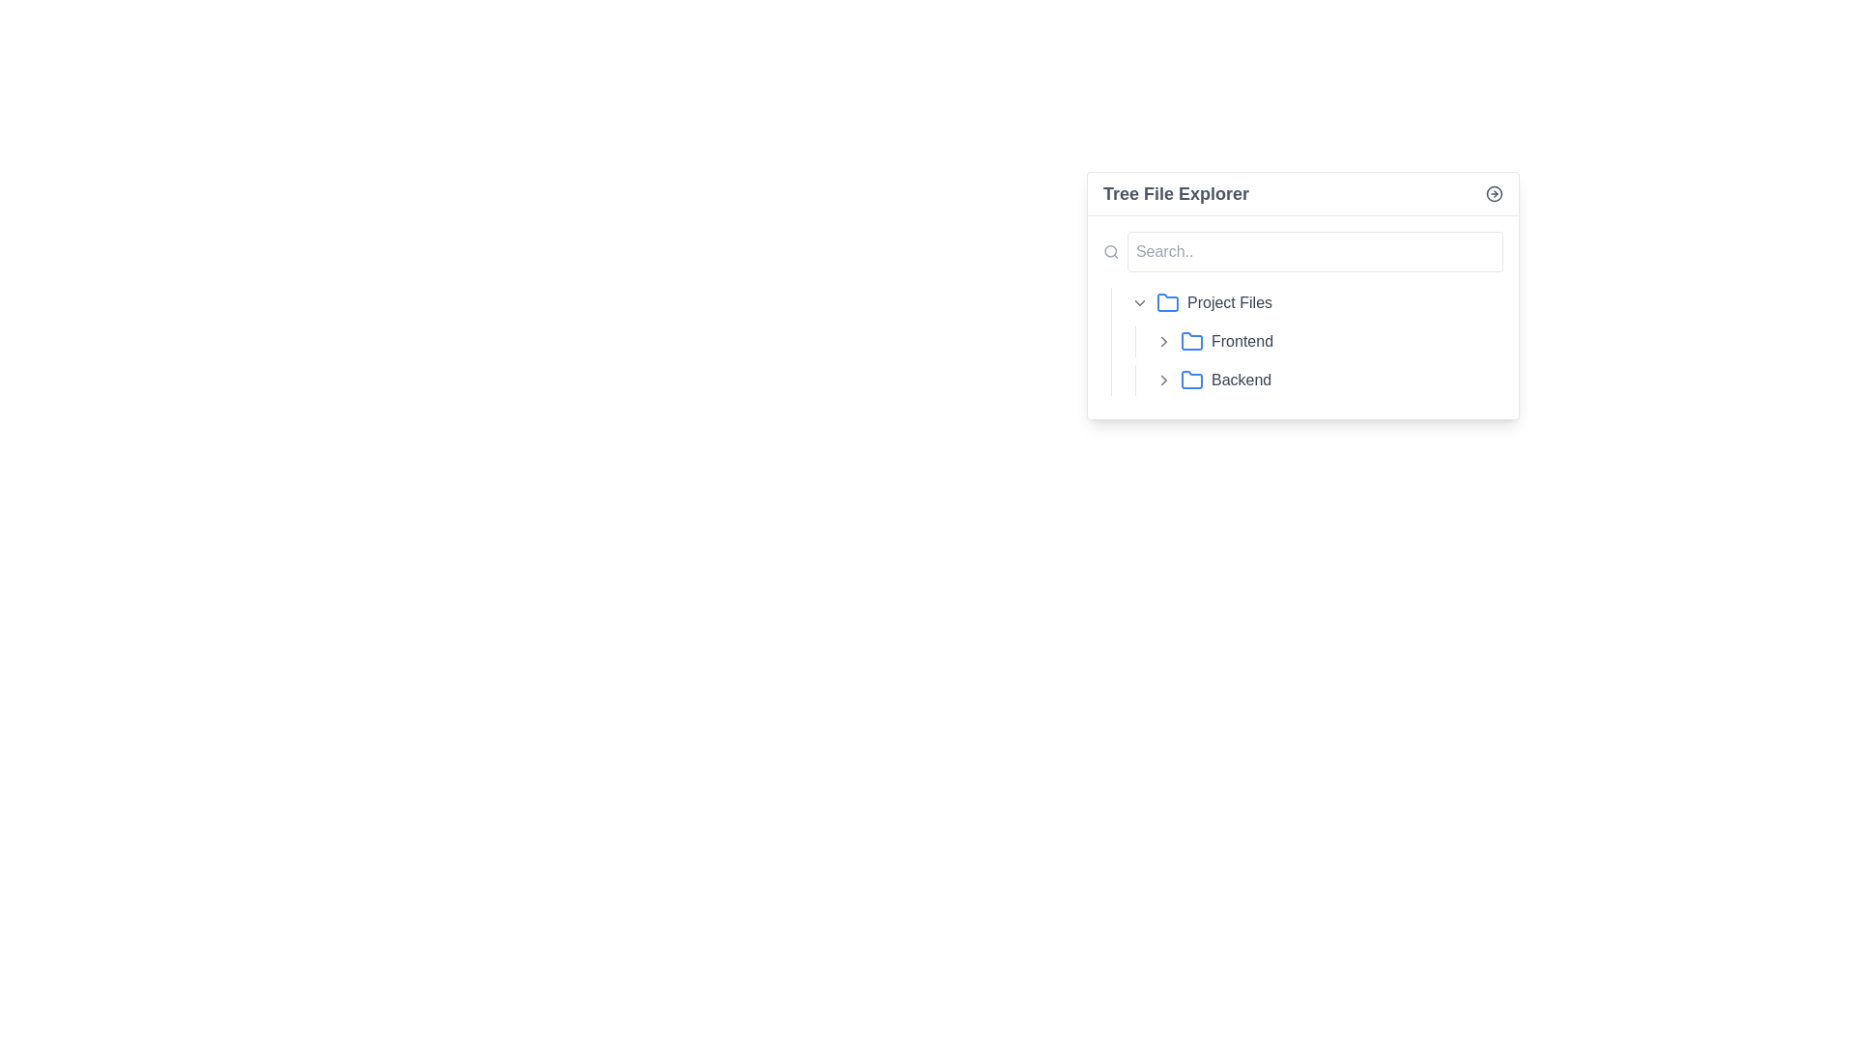 Image resolution: width=1855 pixels, height=1043 pixels. What do you see at coordinates (1190, 380) in the screenshot?
I see `the blue folder icon that is located to the left of the 'Backend' text in the tree view interface` at bounding box center [1190, 380].